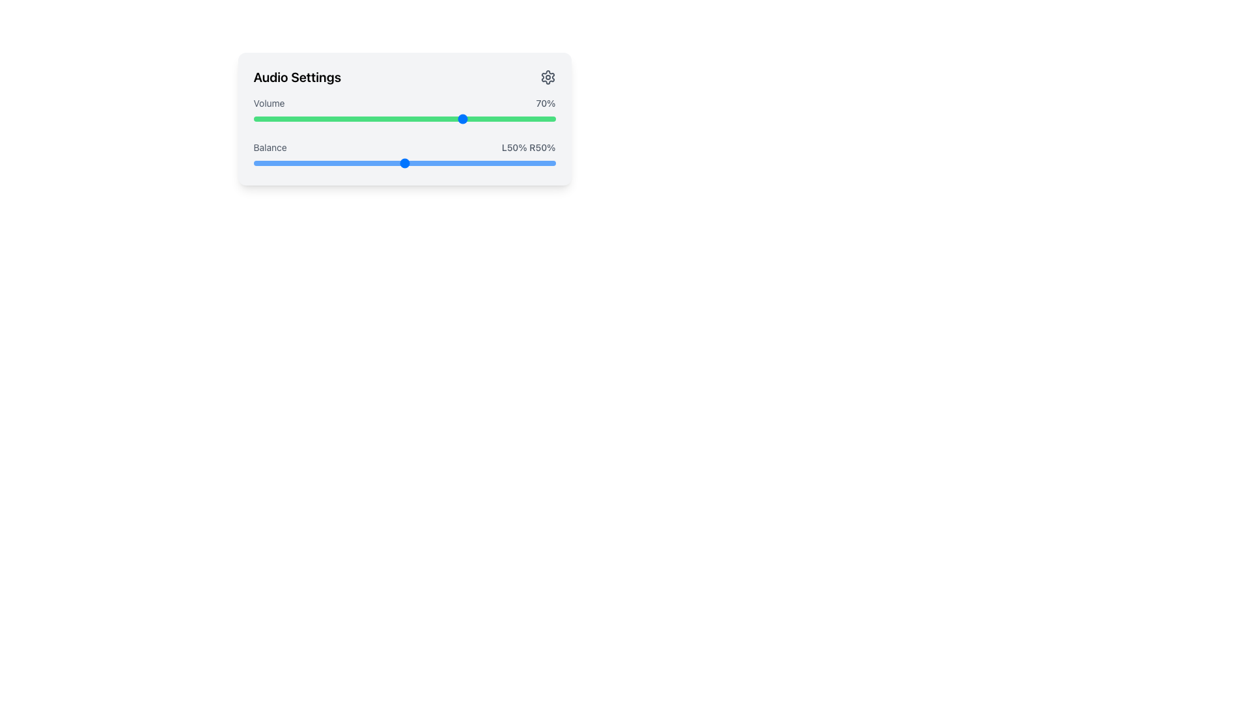  What do you see at coordinates (296, 77) in the screenshot?
I see `the bold title text 'Audio Settings' located in the upper-left section of the rectangular card layout` at bounding box center [296, 77].